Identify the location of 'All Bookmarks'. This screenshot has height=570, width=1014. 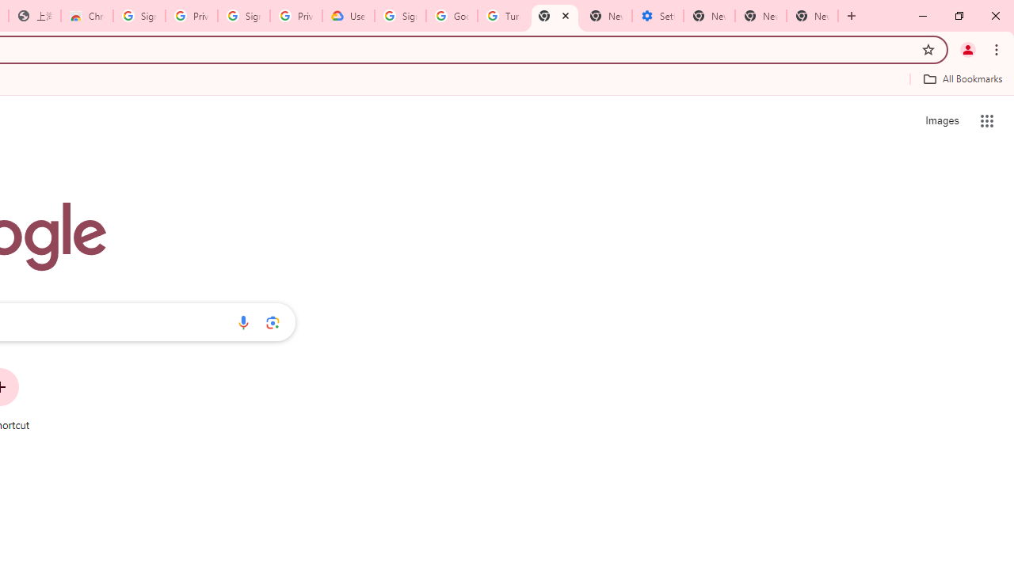
(962, 78).